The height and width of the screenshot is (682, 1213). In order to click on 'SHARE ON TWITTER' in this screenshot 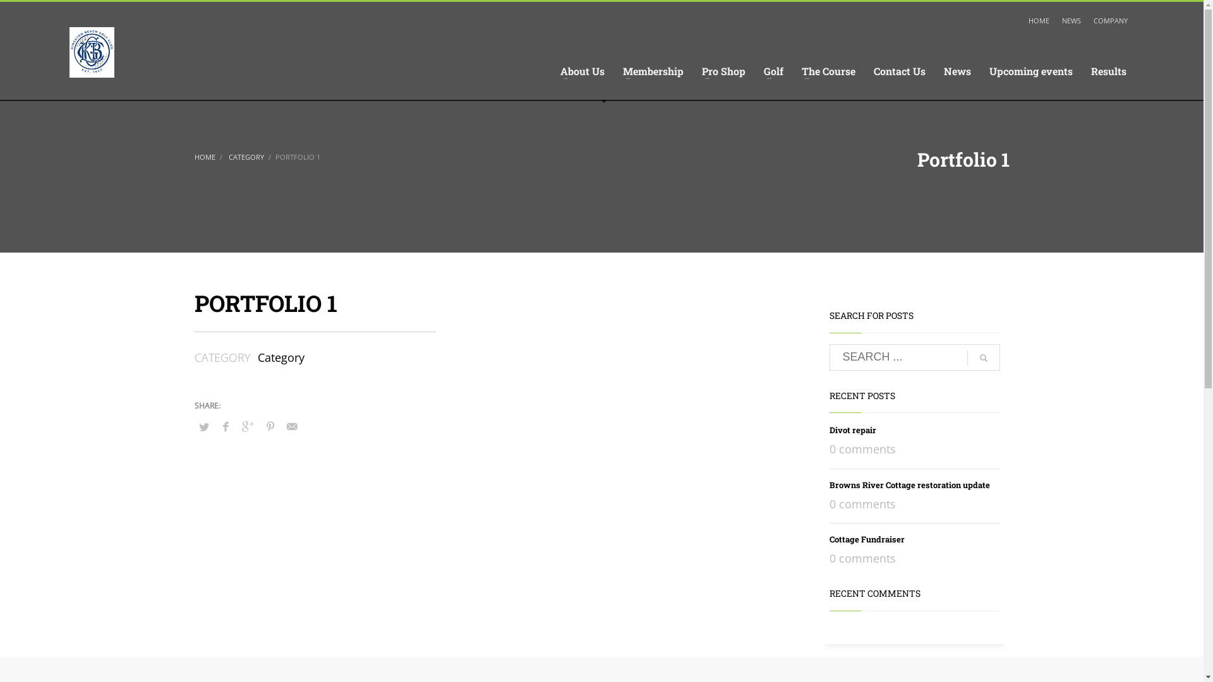, I will do `click(193, 426)`.